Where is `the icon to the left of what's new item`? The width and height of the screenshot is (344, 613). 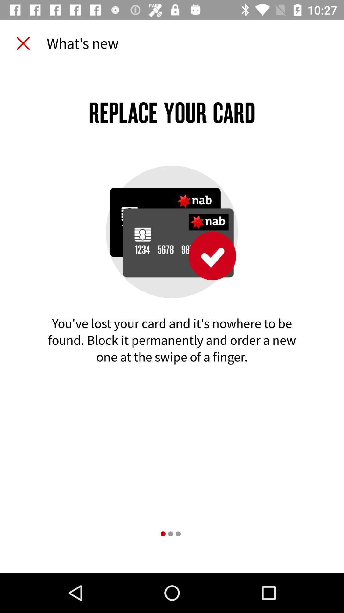
the icon to the left of what's new item is located at coordinates (23, 43).